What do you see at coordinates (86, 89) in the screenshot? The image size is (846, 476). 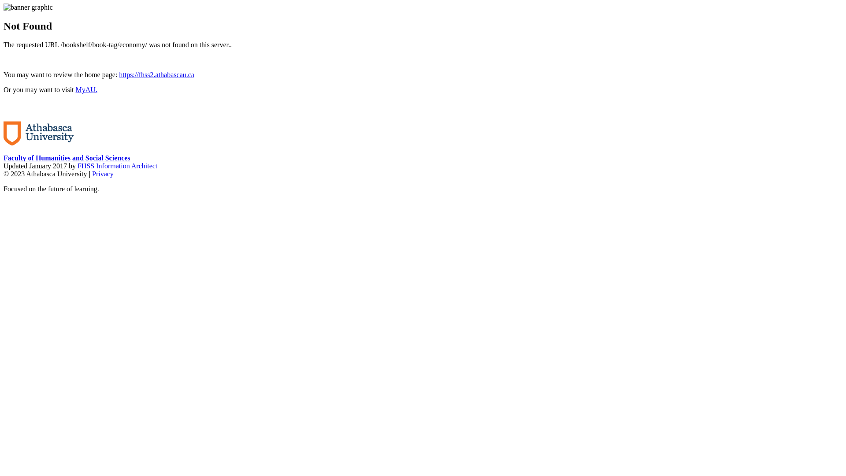 I see `'MyAU.'` at bounding box center [86, 89].